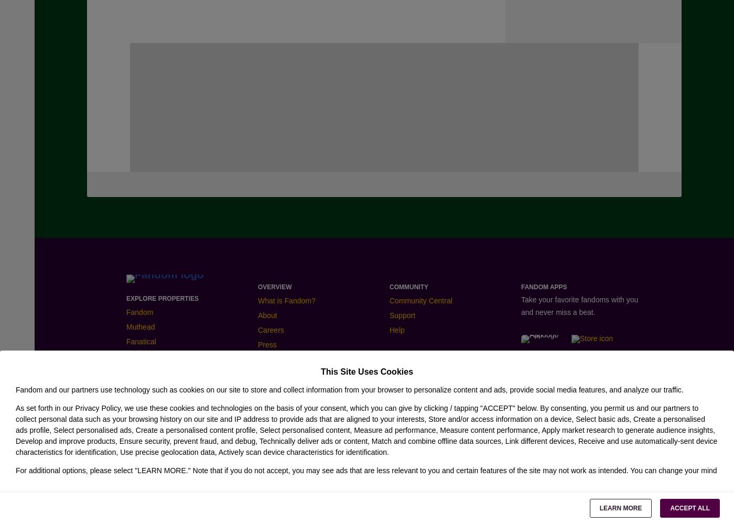 The height and width of the screenshot is (524, 734). What do you see at coordinates (579, 305) in the screenshot?
I see `'Take your favorite fandoms with you and never miss a beat.'` at bounding box center [579, 305].